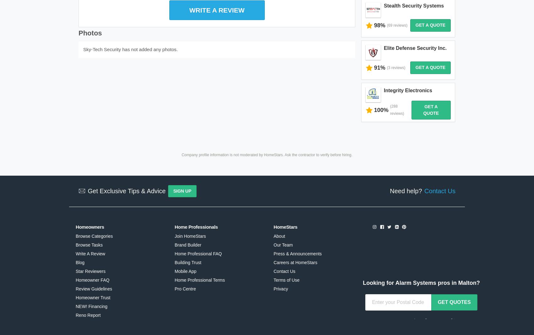  What do you see at coordinates (286, 253) in the screenshot?
I see `'Terms of Use'` at bounding box center [286, 253].